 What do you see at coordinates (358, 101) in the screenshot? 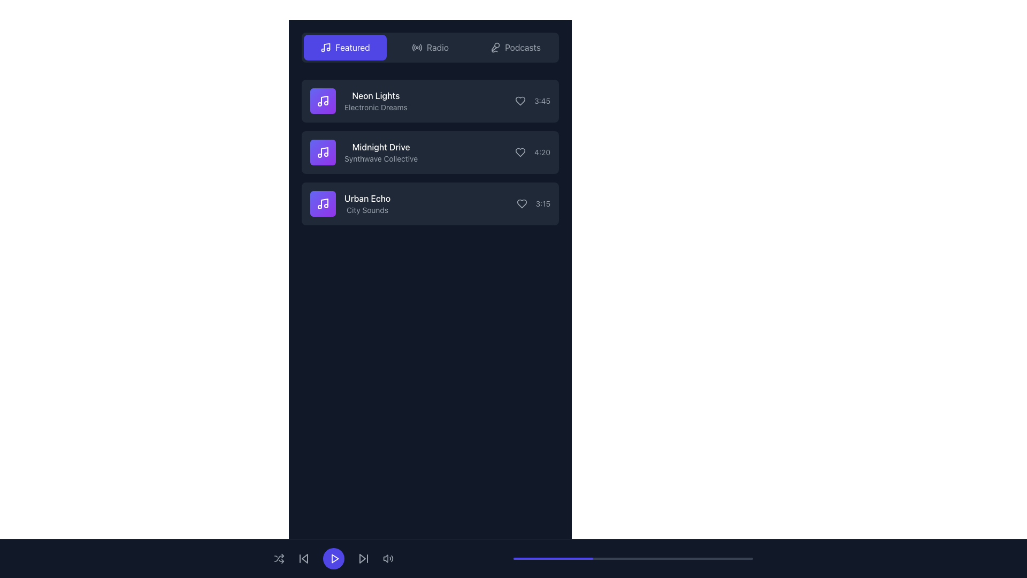
I see `the first item in the vertical list of music entries, which displays 'Neon Lights' in white and 'Electronic Dreams' in gray, with a purple music note icon to the left` at bounding box center [358, 101].